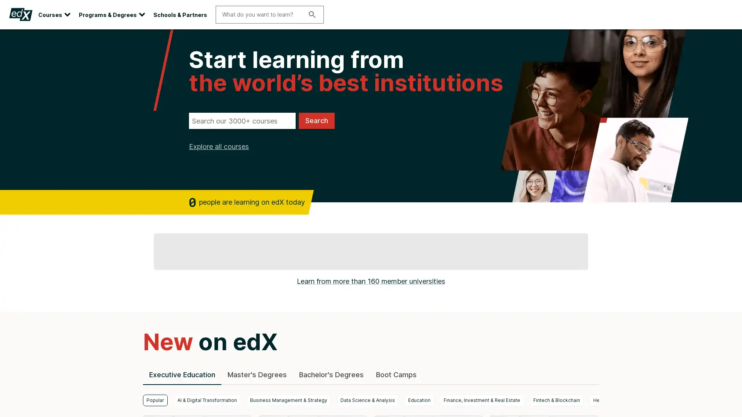 The height and width of the screenshot is (417, 742). Describe the element at coordinates (317, 133) in the screenshot. I see `Search` at that location.